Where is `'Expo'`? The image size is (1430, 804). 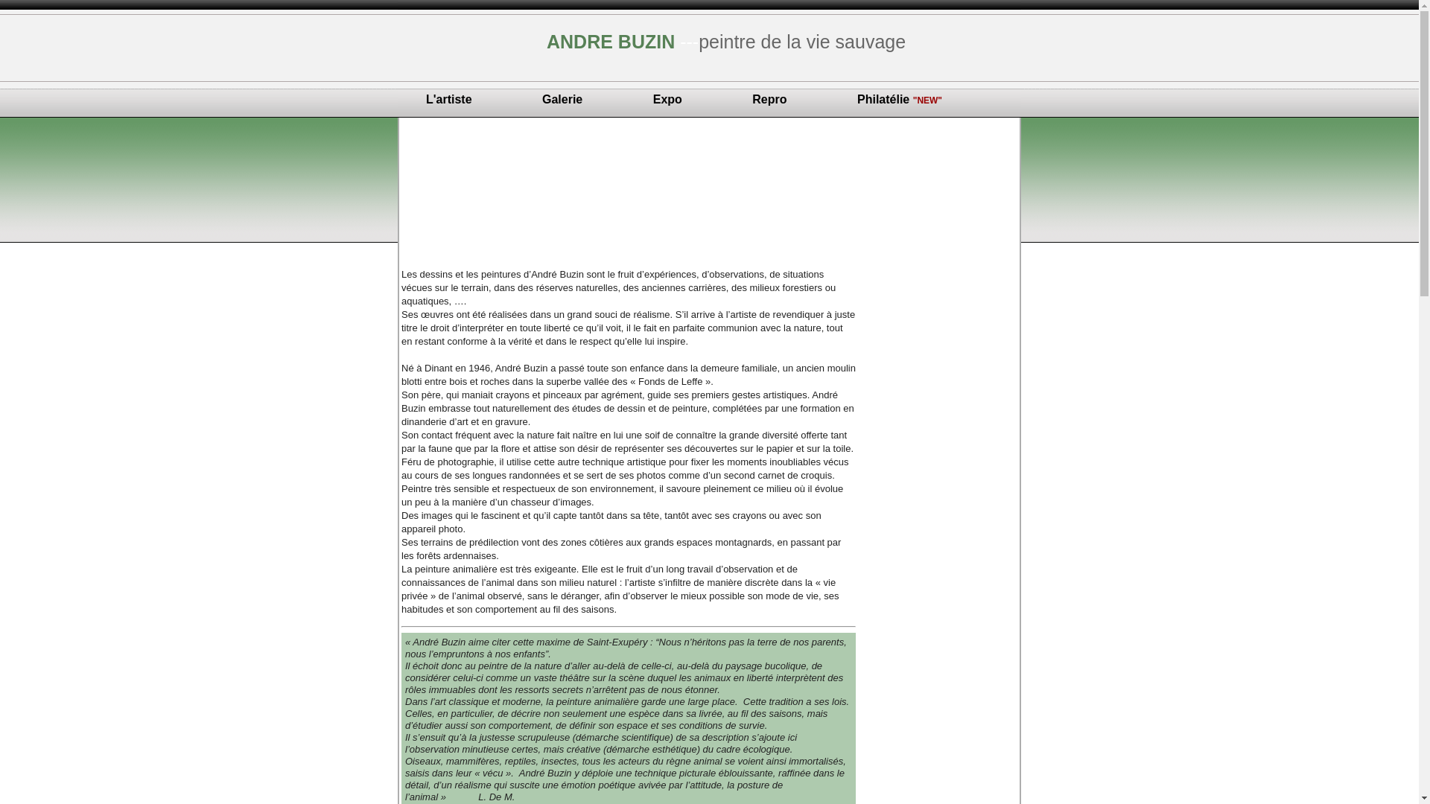 'Expo' is located at coordinates (667, 99).